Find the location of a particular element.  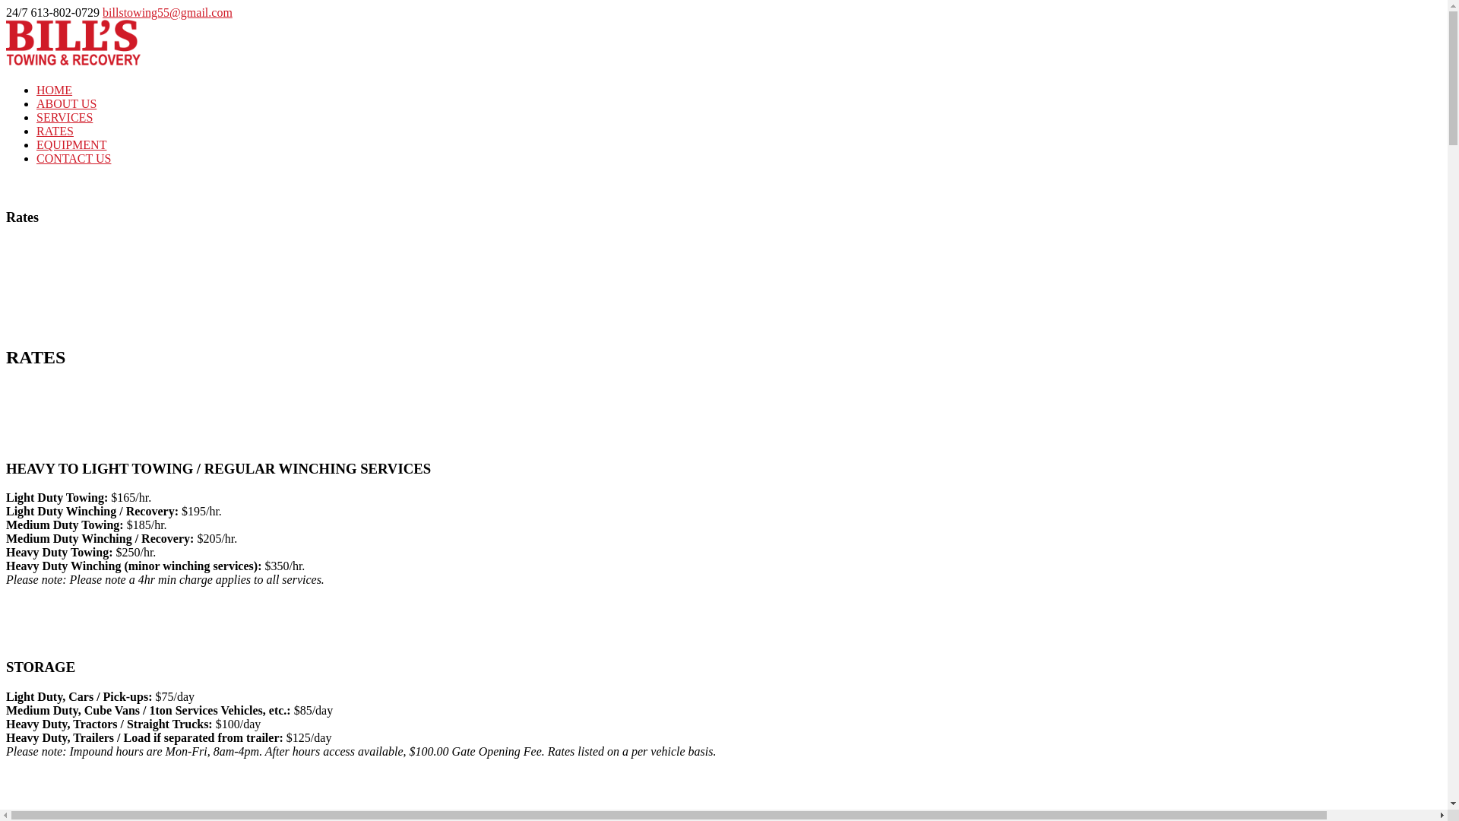

'ABOUT US' is located at coordinates (36, 103).